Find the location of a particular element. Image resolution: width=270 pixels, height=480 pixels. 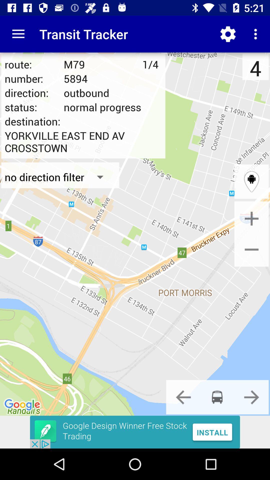

zoom in page is located at coordinates (251, 218).